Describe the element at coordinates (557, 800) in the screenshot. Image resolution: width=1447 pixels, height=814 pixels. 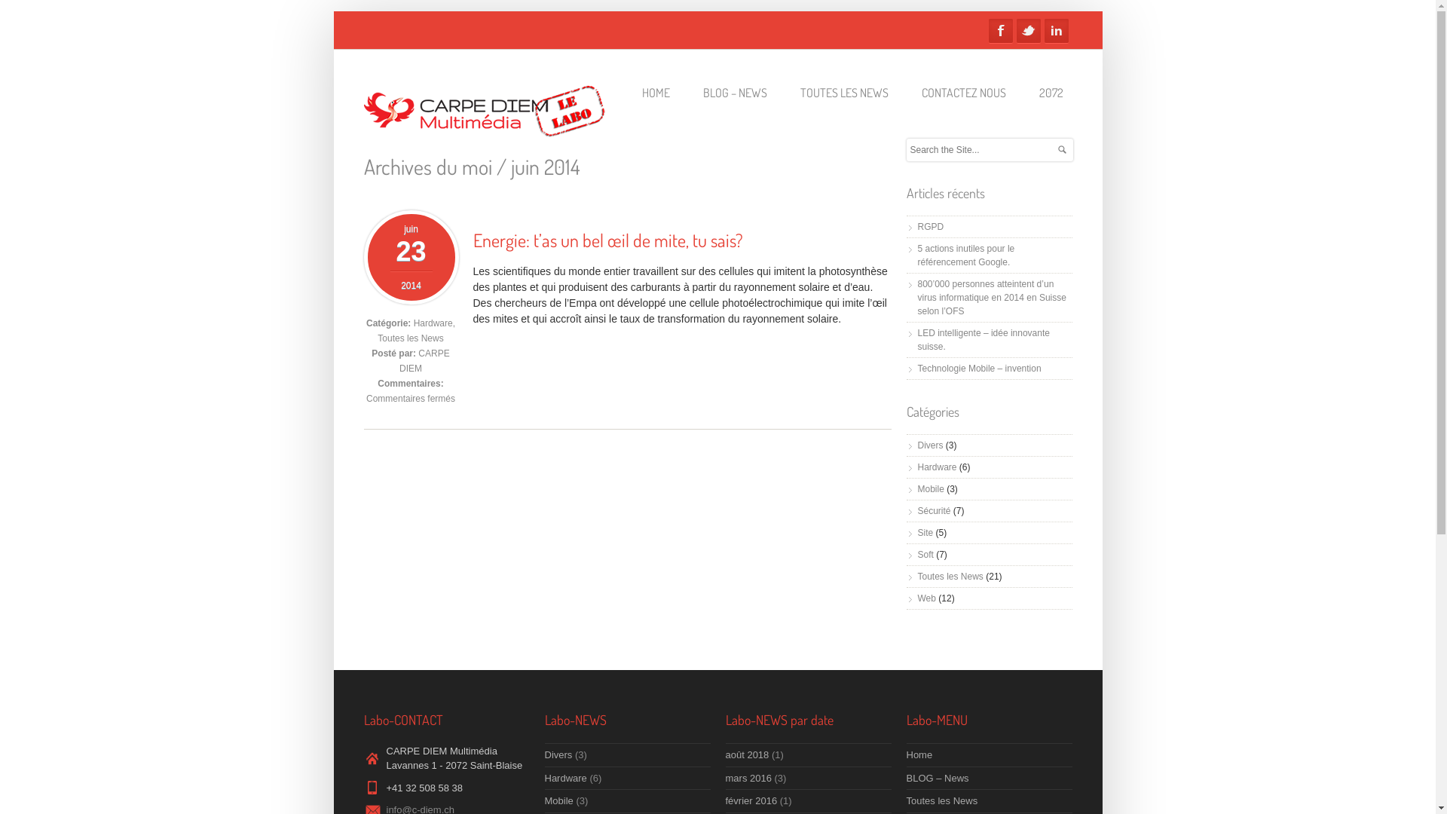
I see `'Mobile'` at that location.